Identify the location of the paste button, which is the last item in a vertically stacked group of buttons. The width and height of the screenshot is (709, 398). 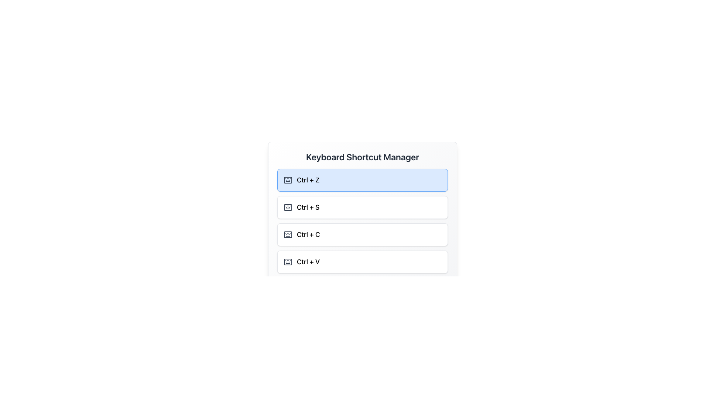
(363, 261).